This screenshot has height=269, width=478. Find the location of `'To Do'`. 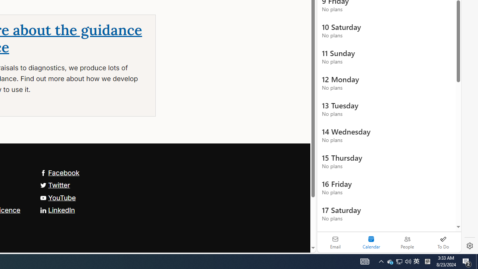

'To Do' is located at coordinates (443, 242).